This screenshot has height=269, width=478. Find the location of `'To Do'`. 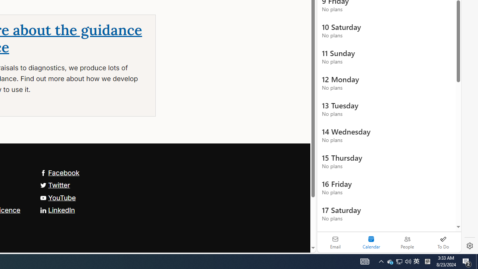

'To Do' is located at coordinates (443, 242).